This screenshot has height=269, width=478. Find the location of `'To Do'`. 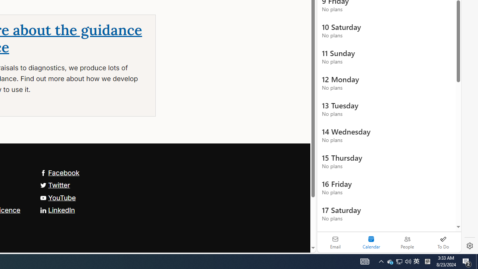

'To Do' is located at coordinates (443, 242).